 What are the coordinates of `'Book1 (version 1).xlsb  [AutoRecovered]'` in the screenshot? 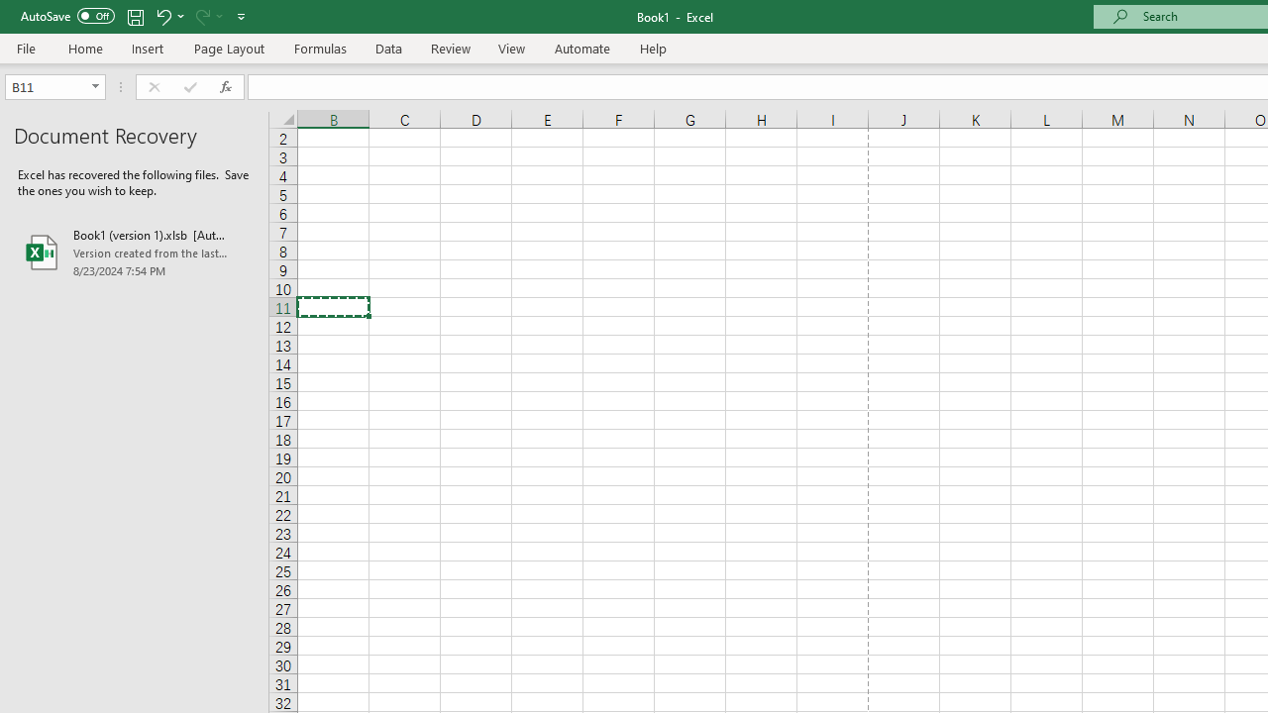 It's located at (134, 251).